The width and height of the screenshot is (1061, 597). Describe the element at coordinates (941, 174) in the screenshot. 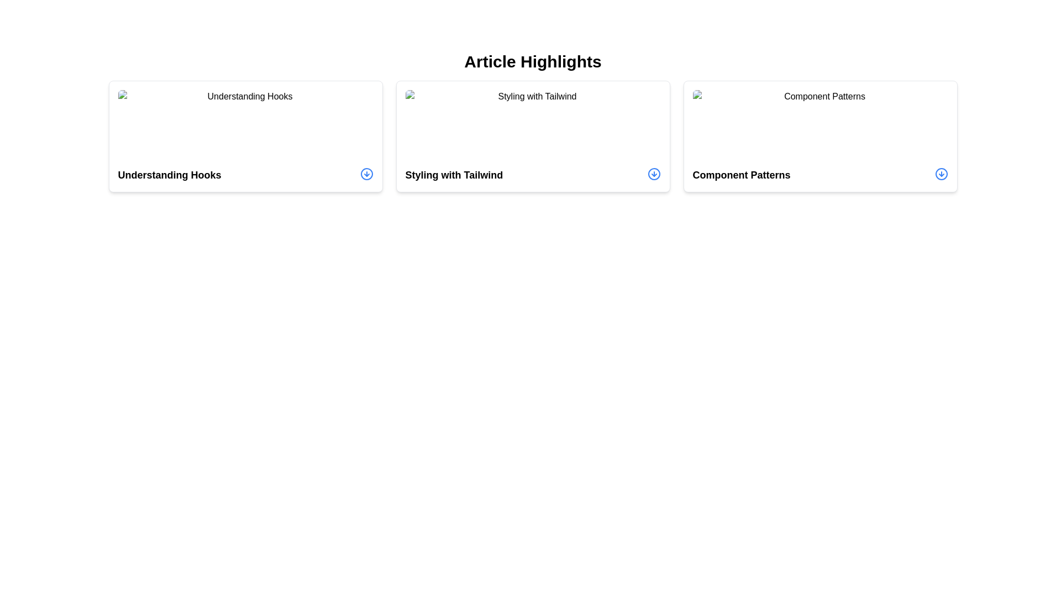

I see `the Icon (Circle with Downward Arrow) located at the far right side of the 'Component Patterns' panel` at that location.